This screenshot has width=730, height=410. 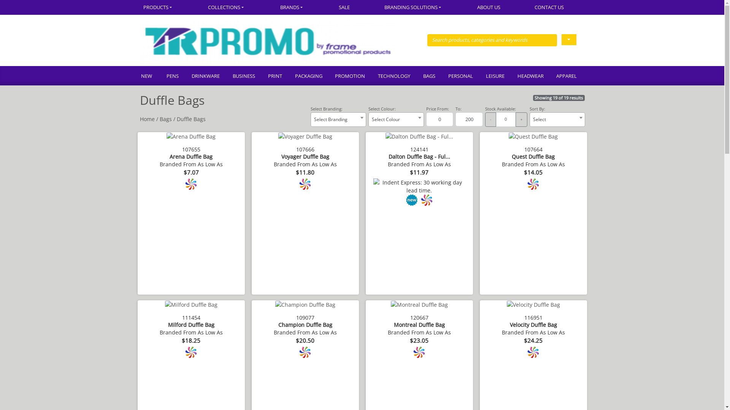 What do you see at coordinates (419, 186) in the screenshot?
I see `'Indent Express: 30 working day lead time.'` at bounding box center [419, 186].